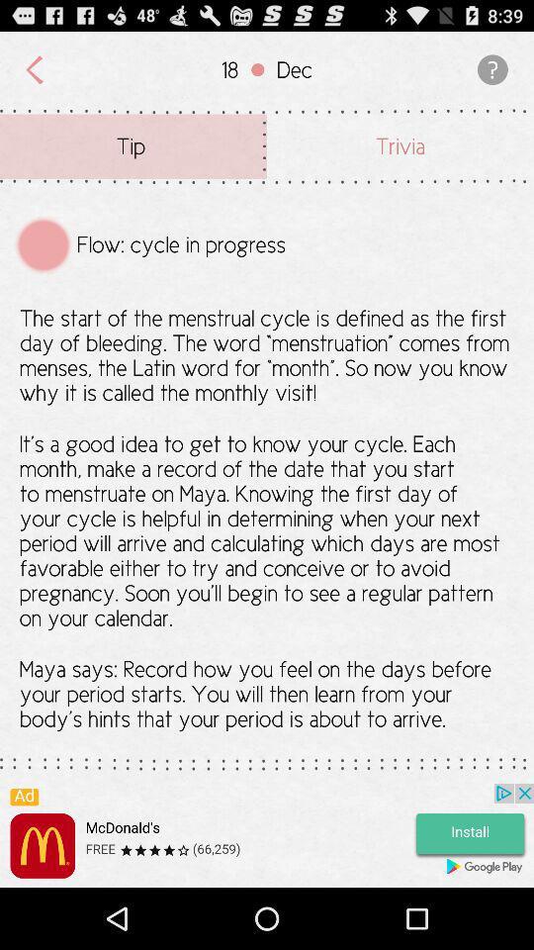  I want to click on the arrow_backward icon, so click(35, 74).